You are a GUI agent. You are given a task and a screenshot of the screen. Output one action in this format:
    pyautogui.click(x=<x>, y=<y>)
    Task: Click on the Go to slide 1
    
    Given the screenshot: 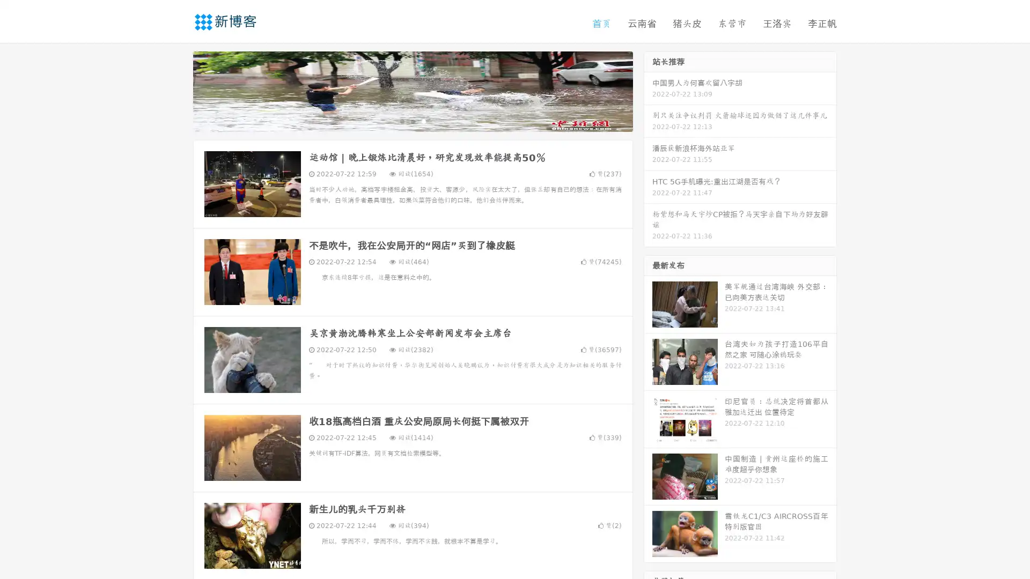 What is the action you would take?
    pyautogui.click(x=401, y=121)
    